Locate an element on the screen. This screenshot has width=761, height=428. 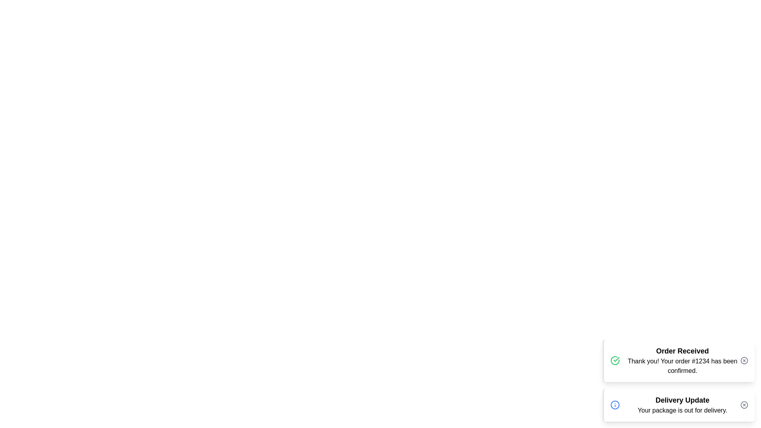
close button of the notification with title Delivery Update is located at coordinates (744, 405).